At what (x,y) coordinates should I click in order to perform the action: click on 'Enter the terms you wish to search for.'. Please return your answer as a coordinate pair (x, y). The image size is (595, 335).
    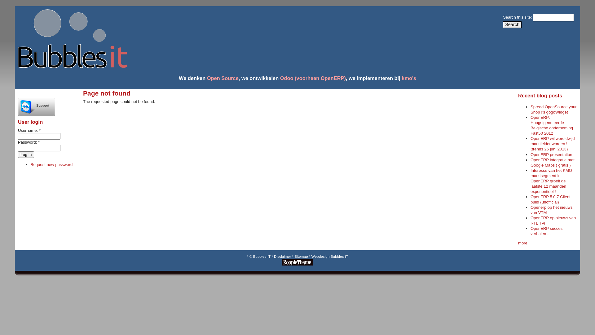
    Looking at the image, I should click on (553, 17).